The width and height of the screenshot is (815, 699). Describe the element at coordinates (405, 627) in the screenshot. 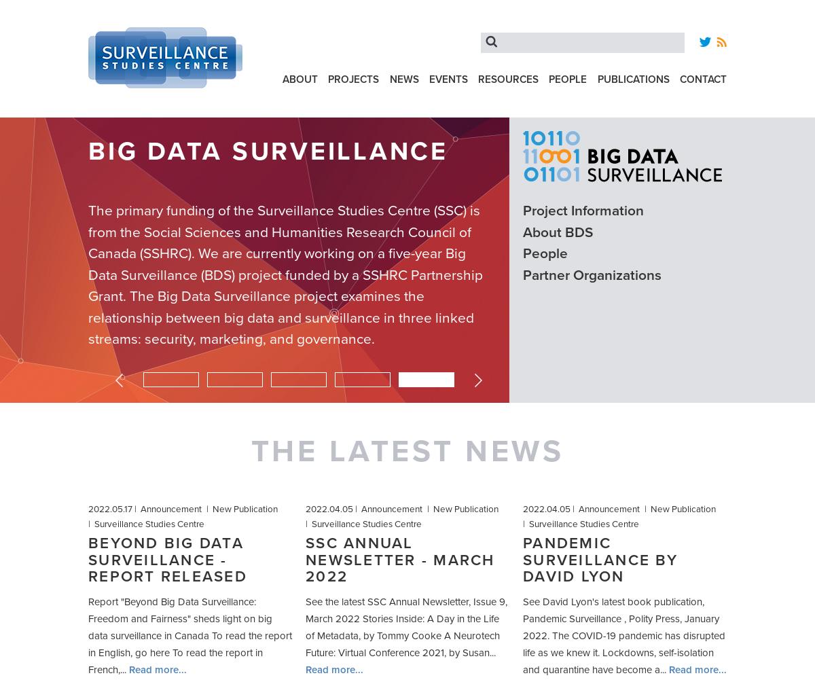

I see `'See the latest SSC Annual Newsletter, Issue 9, March 2022 Stories Inside: A Day in the Life of Metadata, by Tommy Cooke A Neurotech Future: Virtual Conference 2021, by Susan...'` at that location.